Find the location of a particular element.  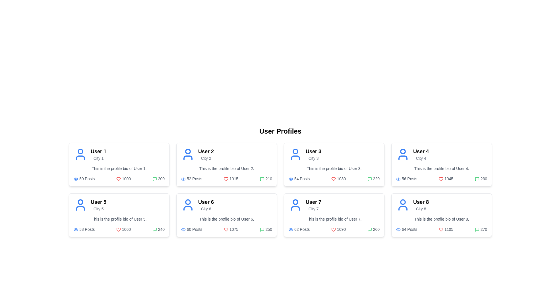

the static text label displaying the value '1015', which is located in the second profile card, following the '52 Posts' text and the heart icon is located at coordinates (231, 178).